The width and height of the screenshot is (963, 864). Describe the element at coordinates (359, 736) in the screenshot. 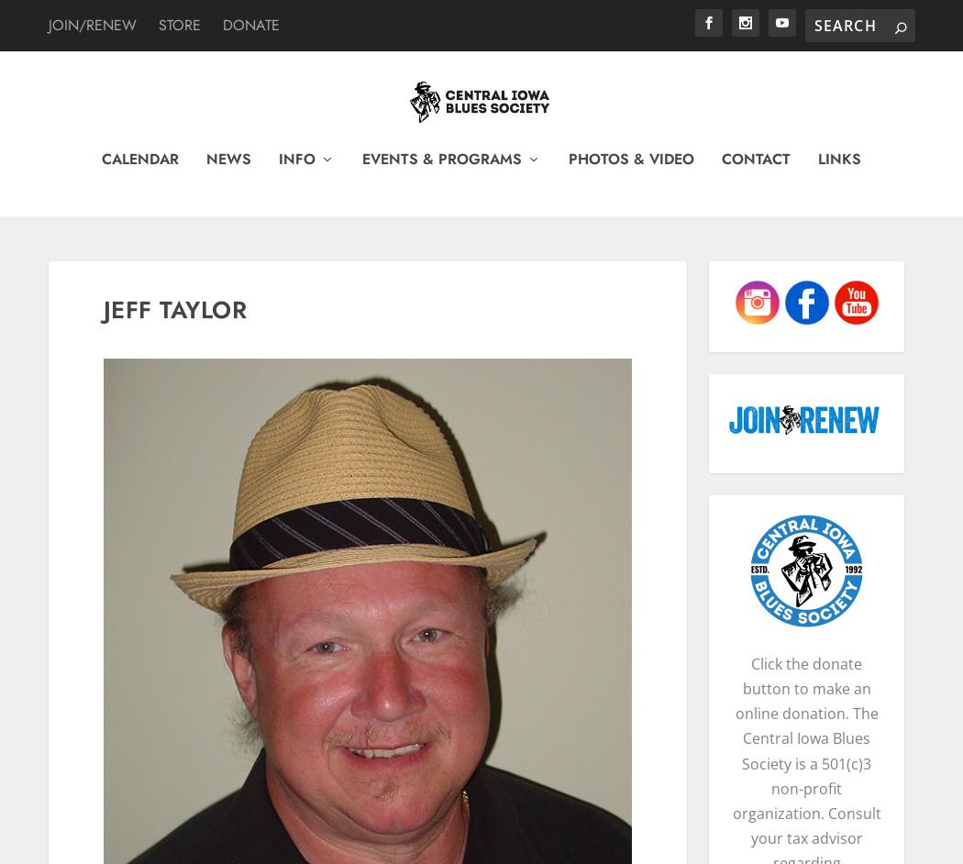

I see `'Media & Advertising'` at that location.